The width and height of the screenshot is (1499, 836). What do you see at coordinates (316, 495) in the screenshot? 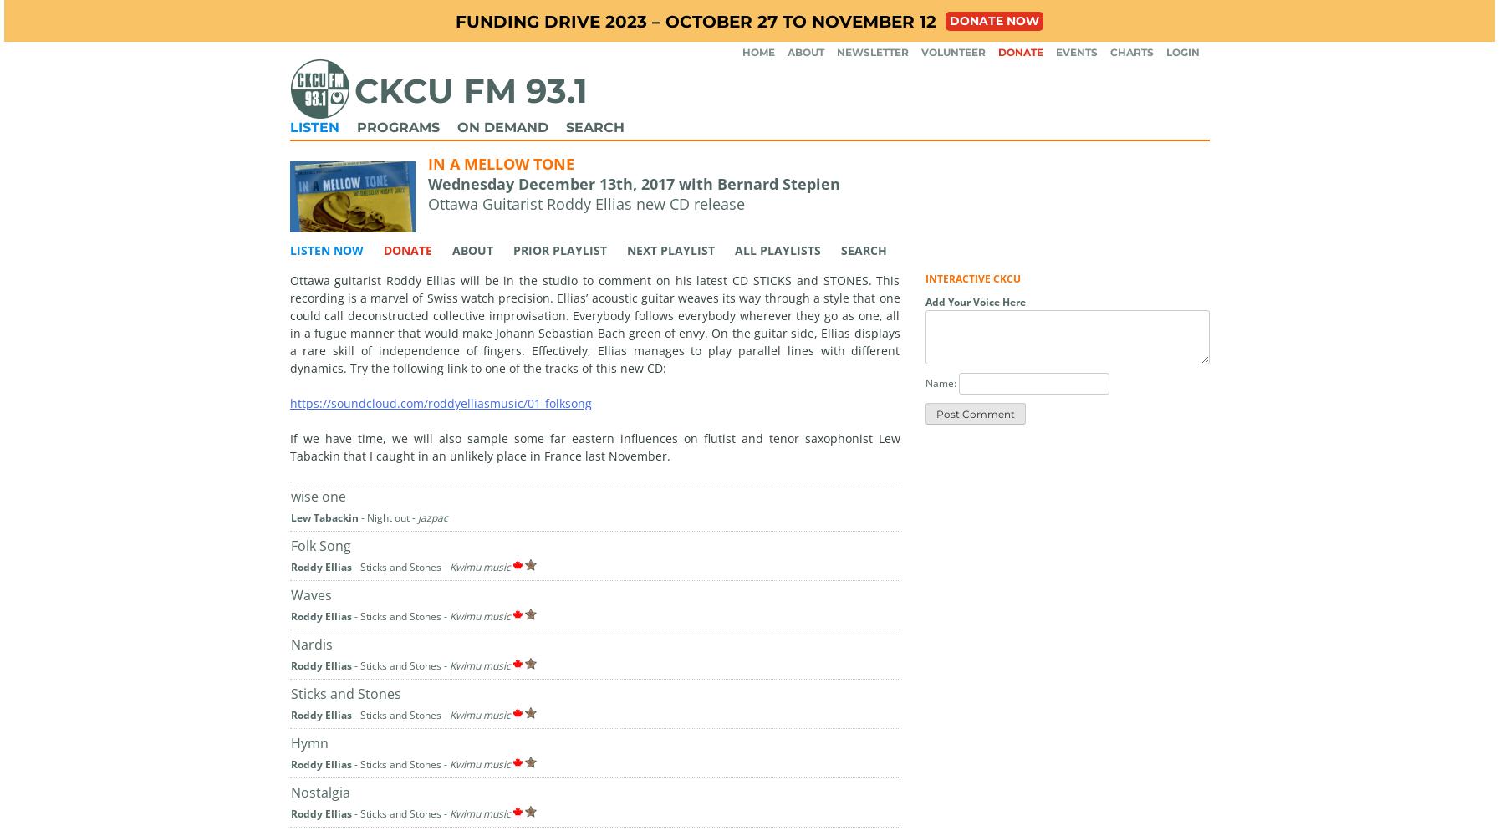
I see `'wise one'` at bounding box center [316, 495].